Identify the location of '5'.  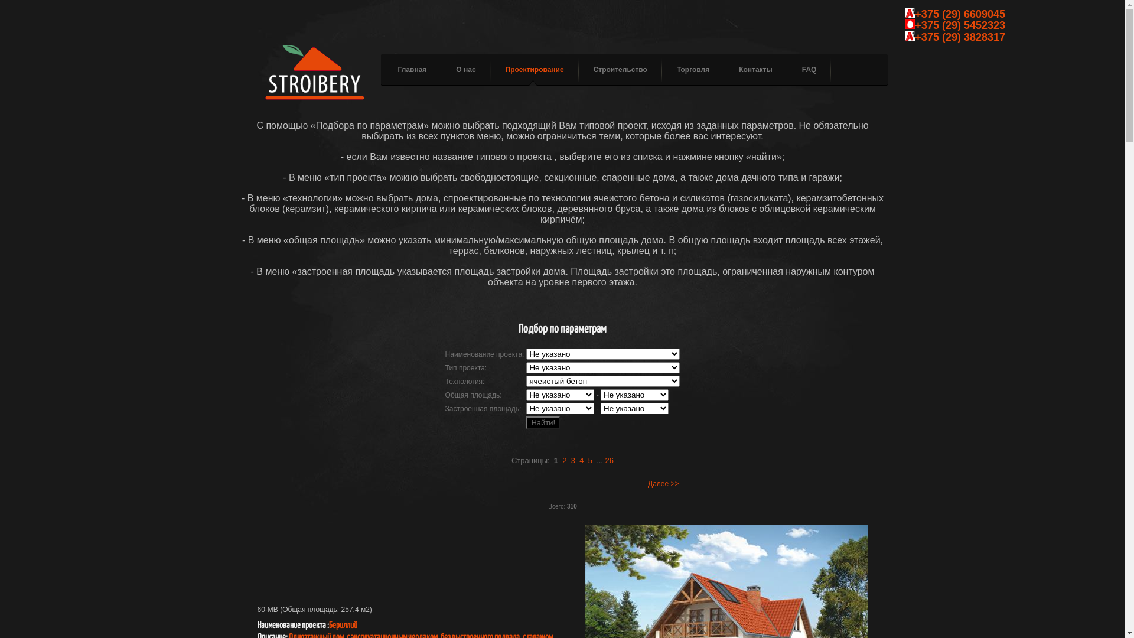
(590, 460).